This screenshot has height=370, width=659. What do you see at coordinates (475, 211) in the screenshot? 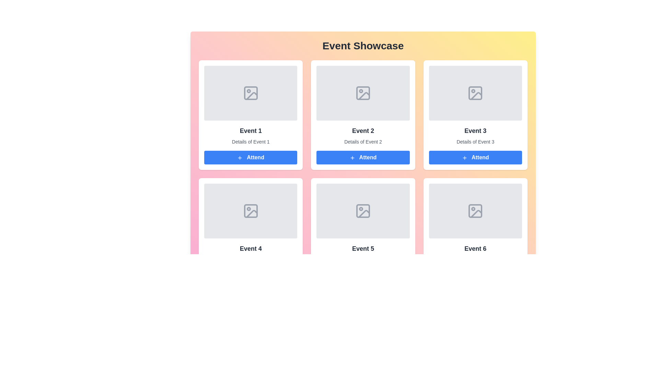
I see `the image placeholder icon located in the sixth event box, positioned centrally above the title 'Event 6'` at bounding box center [475, 211].